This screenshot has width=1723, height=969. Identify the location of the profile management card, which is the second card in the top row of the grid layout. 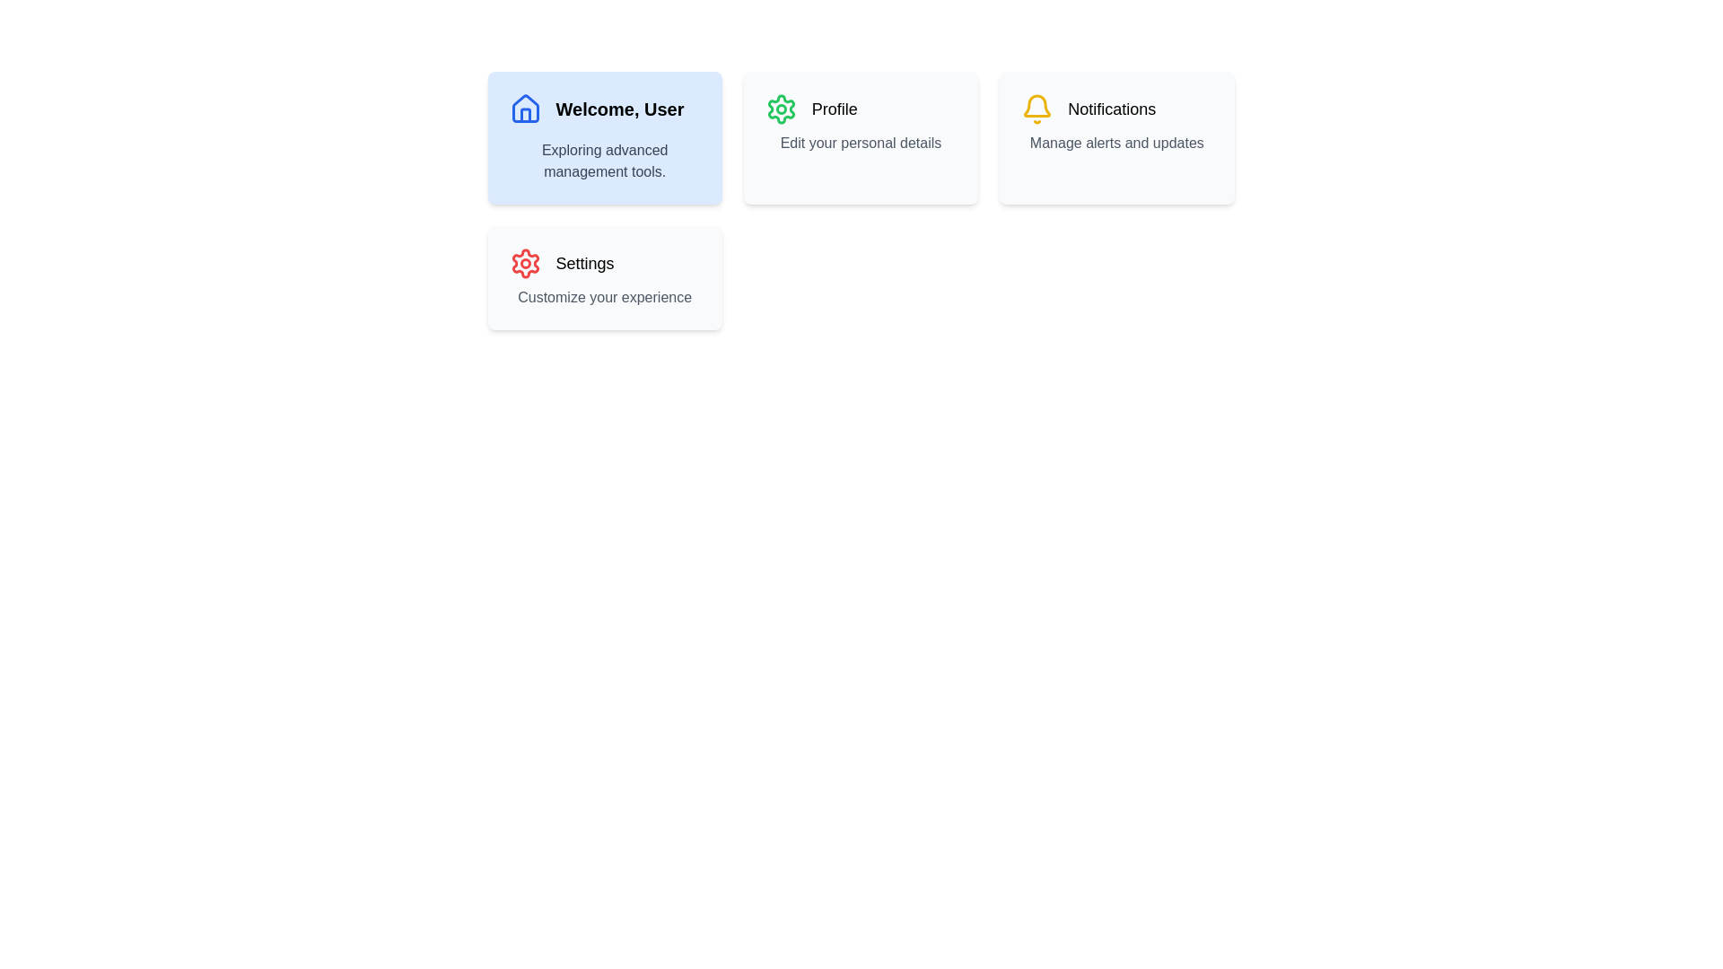
(860, 137).